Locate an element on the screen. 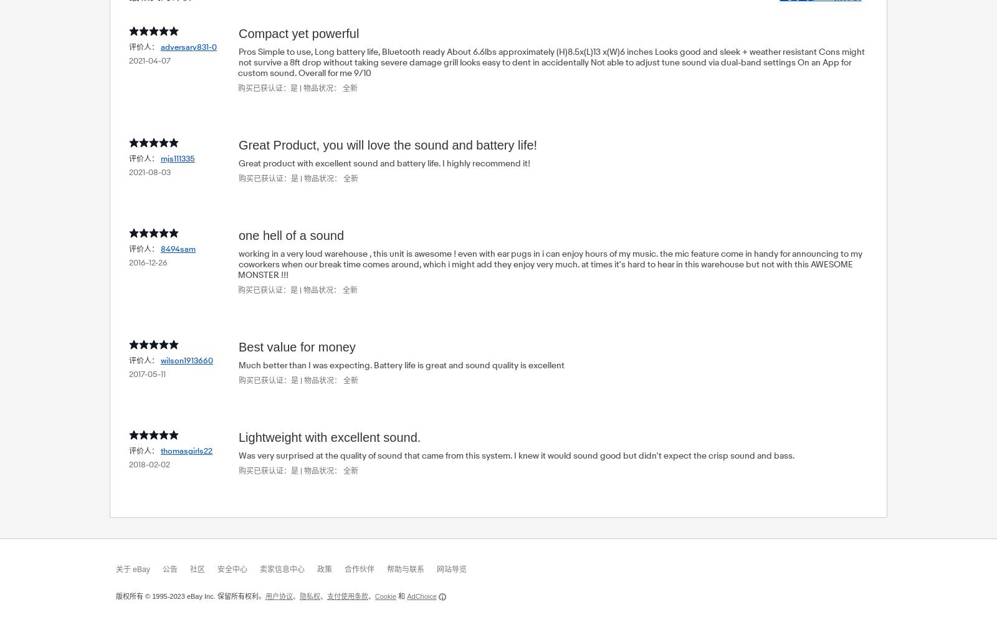  '2021-08-03' is located at coordinates (150, 172).